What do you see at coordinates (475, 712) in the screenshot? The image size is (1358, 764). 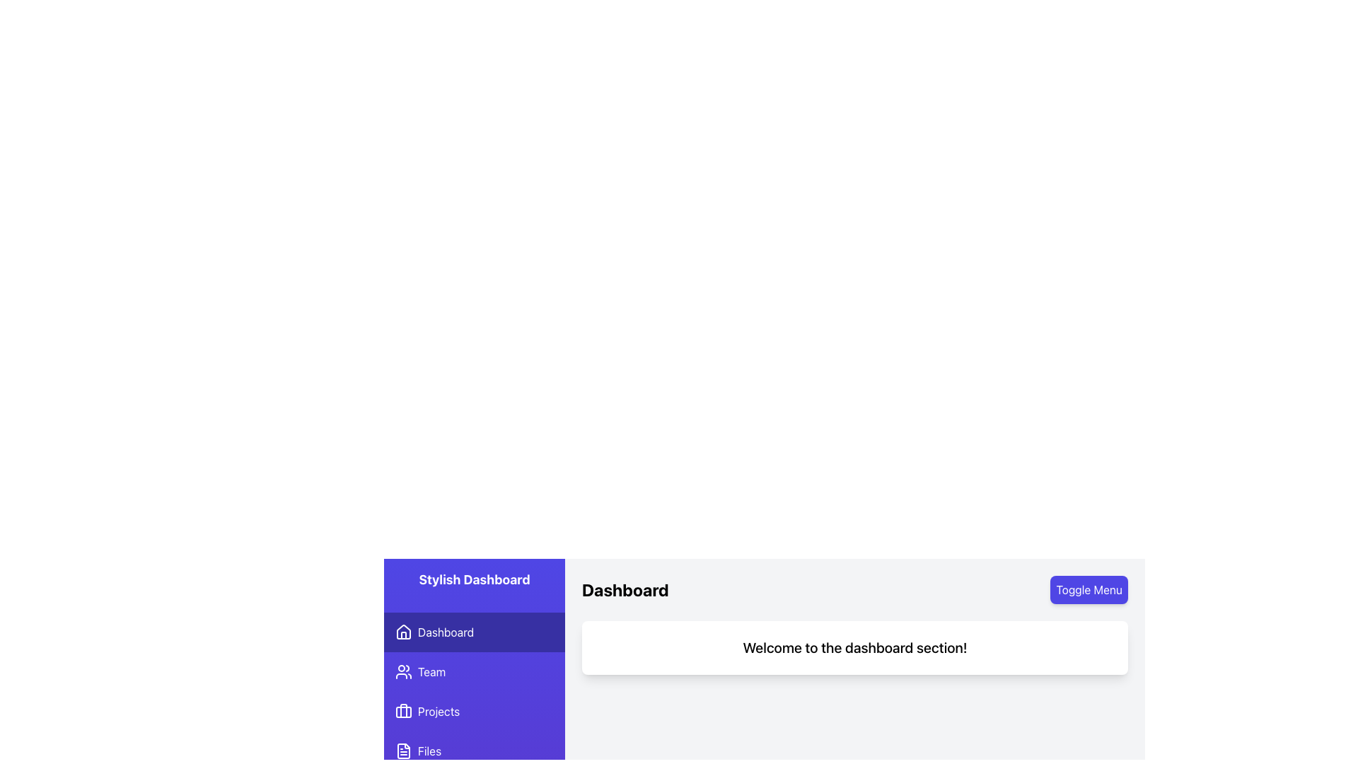 I see `the button labeled 'Projects' located in the sidebar menu, which is the third button below 'Team' and above 'Files'` at bounding box center [475, 712].